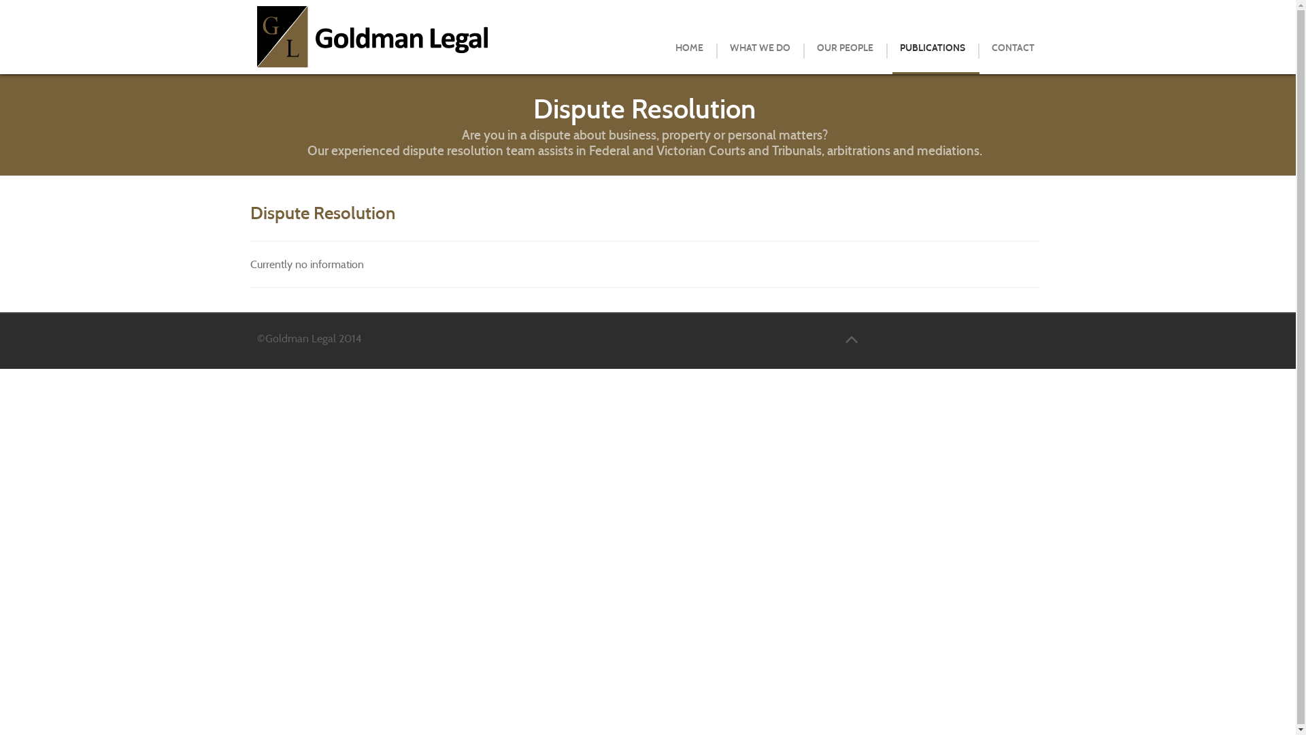  What do you see at coordinates (1013, 47) in the screenshot?
I see `'CONTACT'` at bounding box center [1013, 47].